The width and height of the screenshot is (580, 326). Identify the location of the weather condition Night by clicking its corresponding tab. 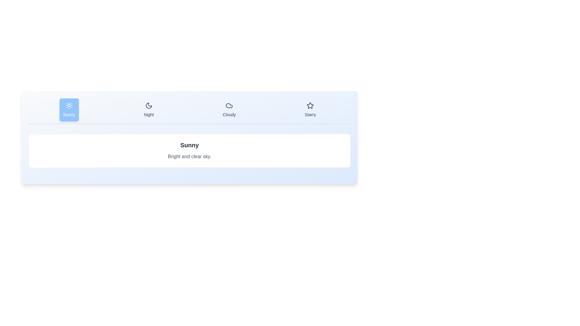
(148, 110).